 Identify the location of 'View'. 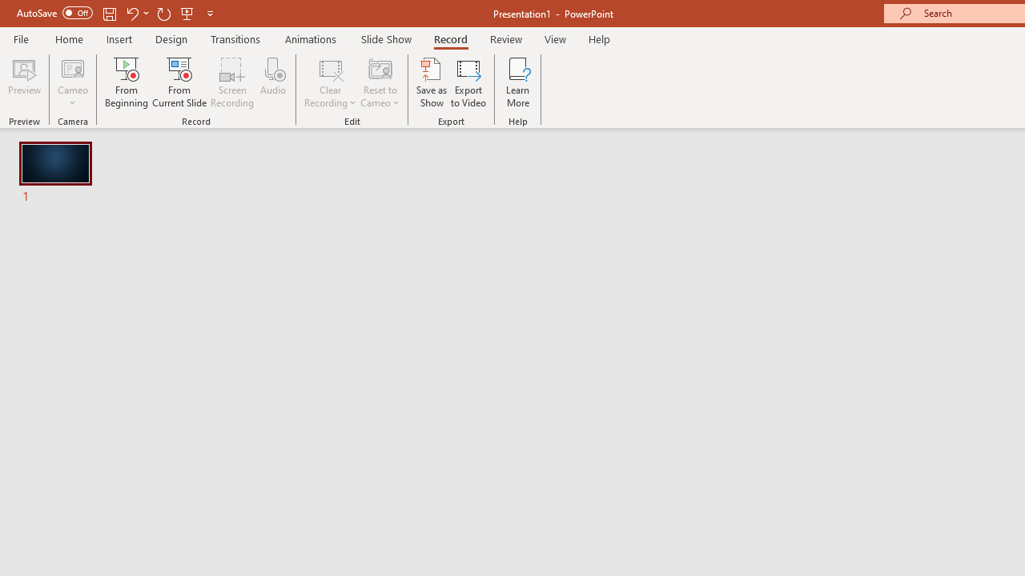
(555, 38).